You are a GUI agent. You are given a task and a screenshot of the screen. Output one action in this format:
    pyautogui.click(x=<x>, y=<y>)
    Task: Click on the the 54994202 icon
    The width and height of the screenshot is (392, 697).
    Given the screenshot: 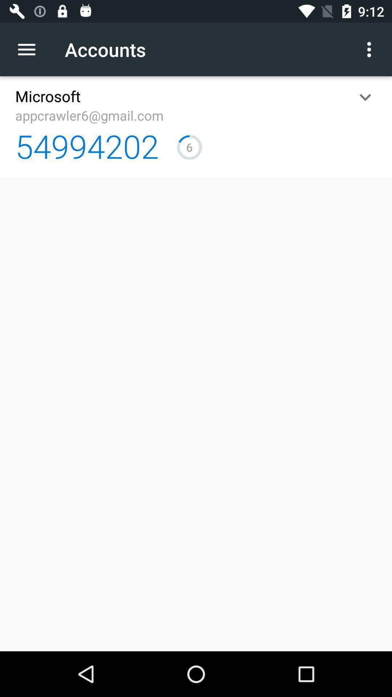 What is the action you would take?
    pyautogui.click(x=86, y=146)
    